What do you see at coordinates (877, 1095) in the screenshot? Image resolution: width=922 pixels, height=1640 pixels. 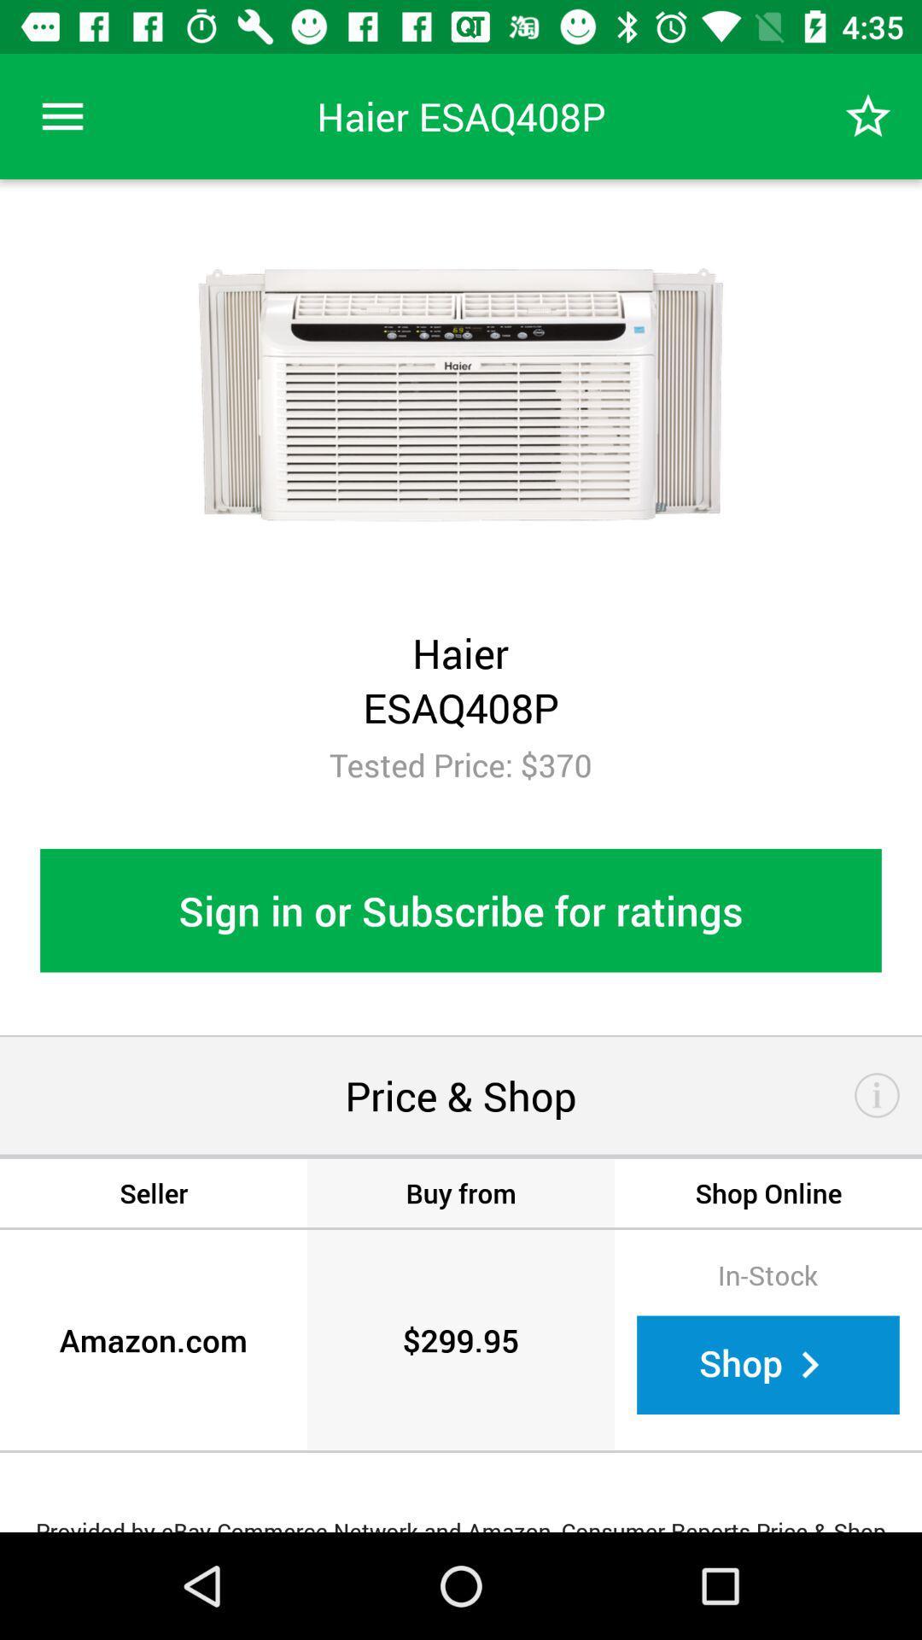 I see `show info` at bounding box center [877, 1095].